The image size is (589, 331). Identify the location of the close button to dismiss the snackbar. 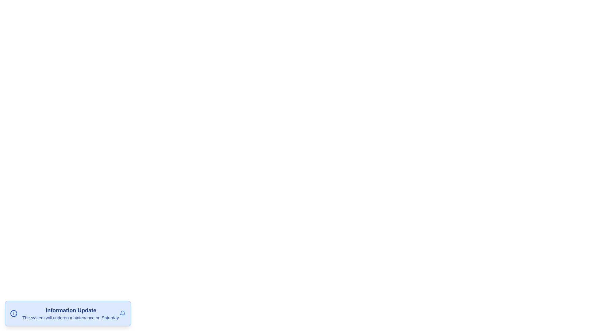
(123, 313).